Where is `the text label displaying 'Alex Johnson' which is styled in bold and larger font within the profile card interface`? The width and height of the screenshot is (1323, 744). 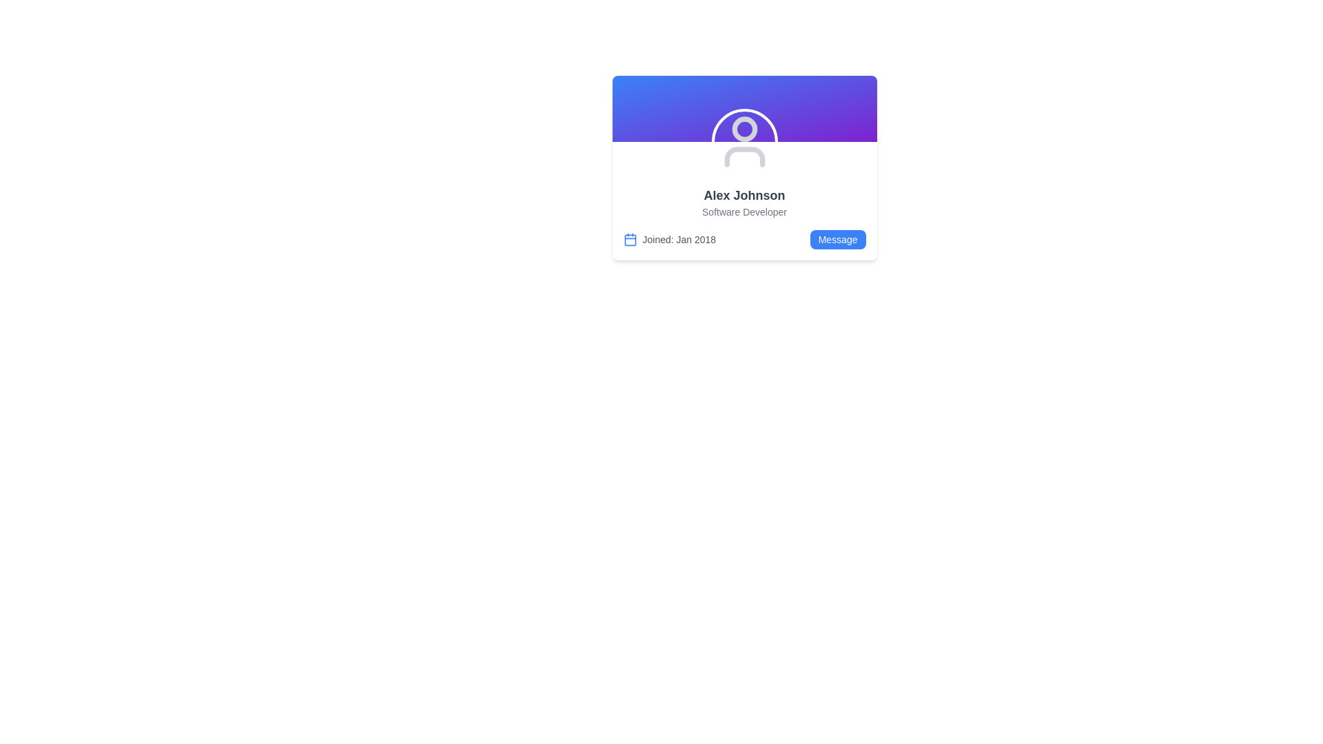 the text label displaying 'Alex Johnson' which is styled in bold and larger font within the profile card interface is located at coordinates (743, 196).